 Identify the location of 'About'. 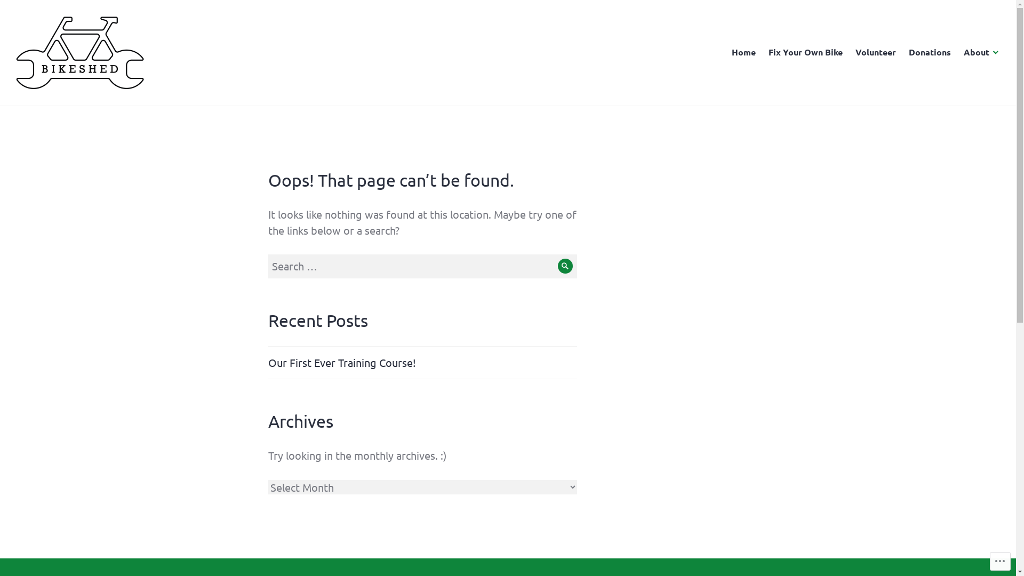
(963, 53).